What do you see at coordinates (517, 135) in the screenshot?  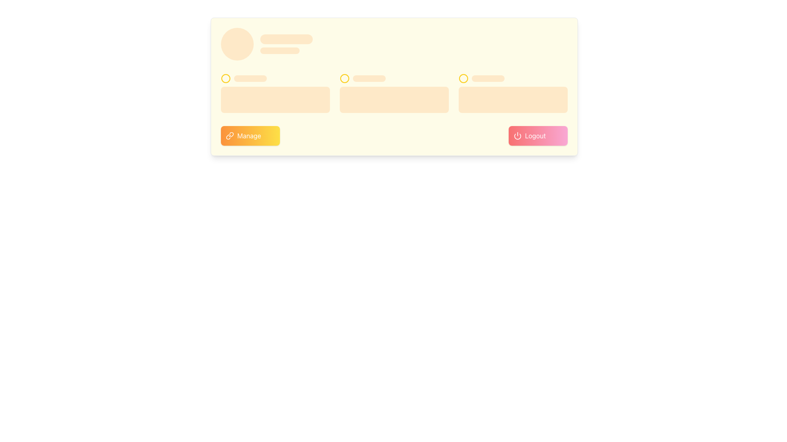 I see `the power button icon located within the 'Logout' button at the bottom right corner of the interface` at bounding box center [517, 135].